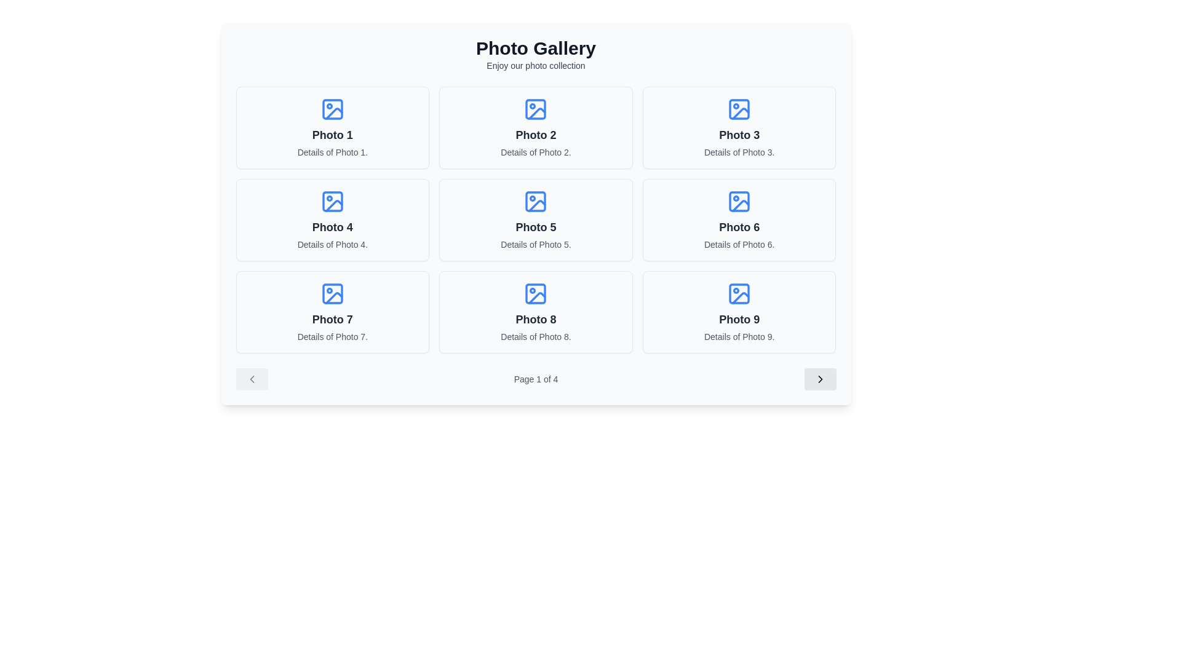 The height and width of the screenshot is (664, 1181). What do you see at coordinates (536, 128) in the screenshot?
I see `the information card for the photo in the gallery, which is the second card in a 3-column layout positioned at the top row` at bounding box center [536, 128].